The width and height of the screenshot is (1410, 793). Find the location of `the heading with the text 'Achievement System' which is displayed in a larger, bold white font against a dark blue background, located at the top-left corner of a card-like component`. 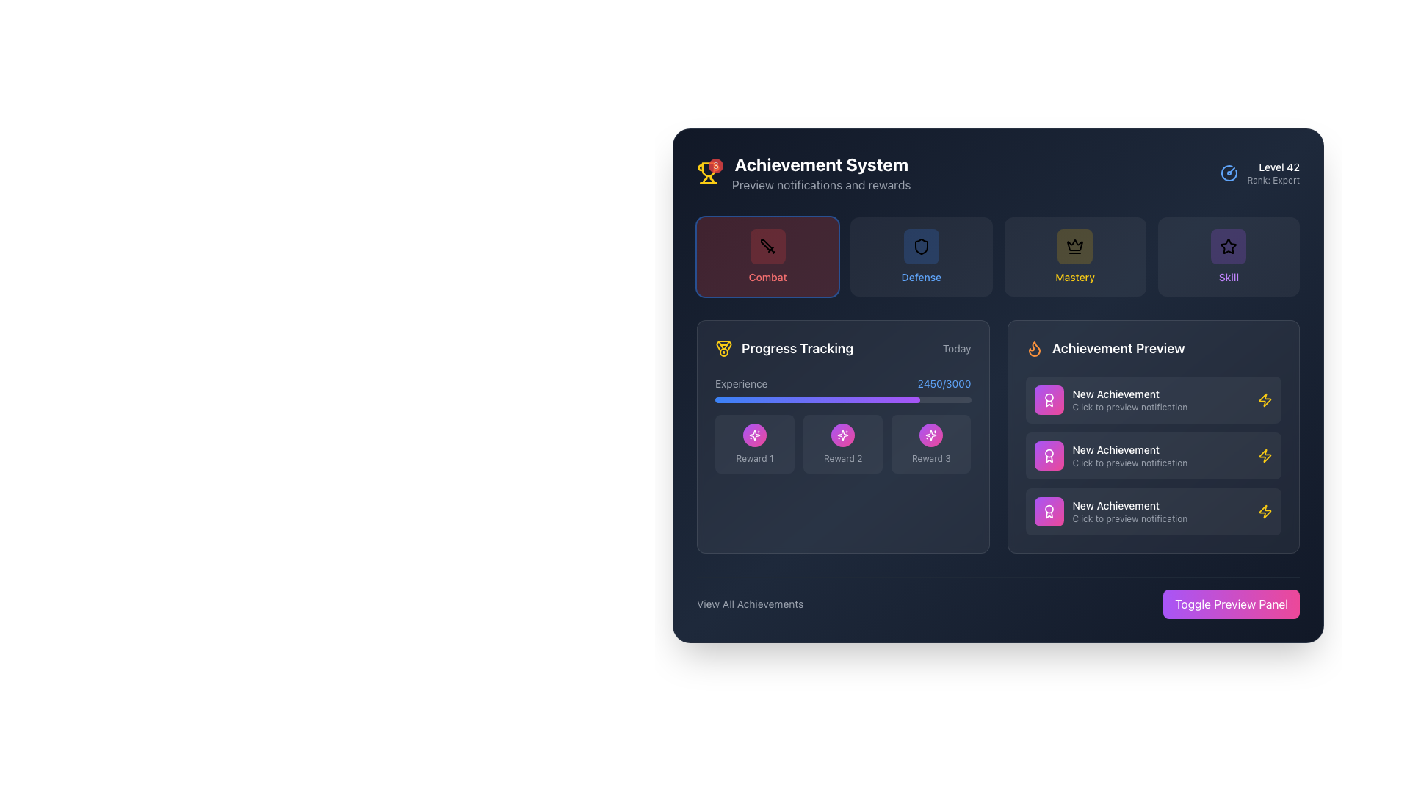

the heading with the text 'Achievement System' which is displayed in a larger, bold white font against a dark blue background, located at the top-left corner of a card-like component is located at coordinates (820, 172).